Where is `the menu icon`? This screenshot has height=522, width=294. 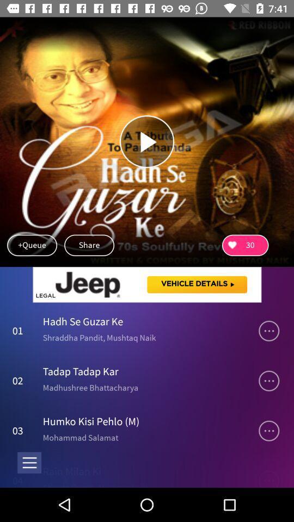
the menu icon is located at coordinates (29, 465).